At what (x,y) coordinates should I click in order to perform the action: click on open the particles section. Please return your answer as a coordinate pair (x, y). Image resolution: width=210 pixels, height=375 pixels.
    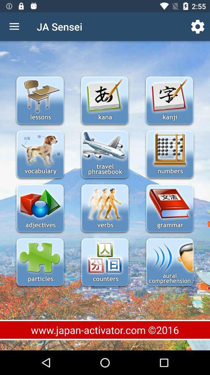
    Looking at the image, I should click on (40, 263).